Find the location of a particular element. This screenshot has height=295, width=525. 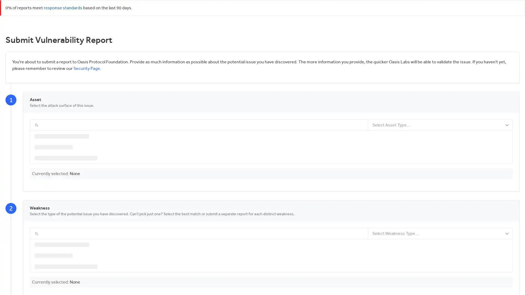

https://github.com/oasisprotocol/ed25519 Source codeCriticalEligible for bounty is located at coordinates (271, 184).